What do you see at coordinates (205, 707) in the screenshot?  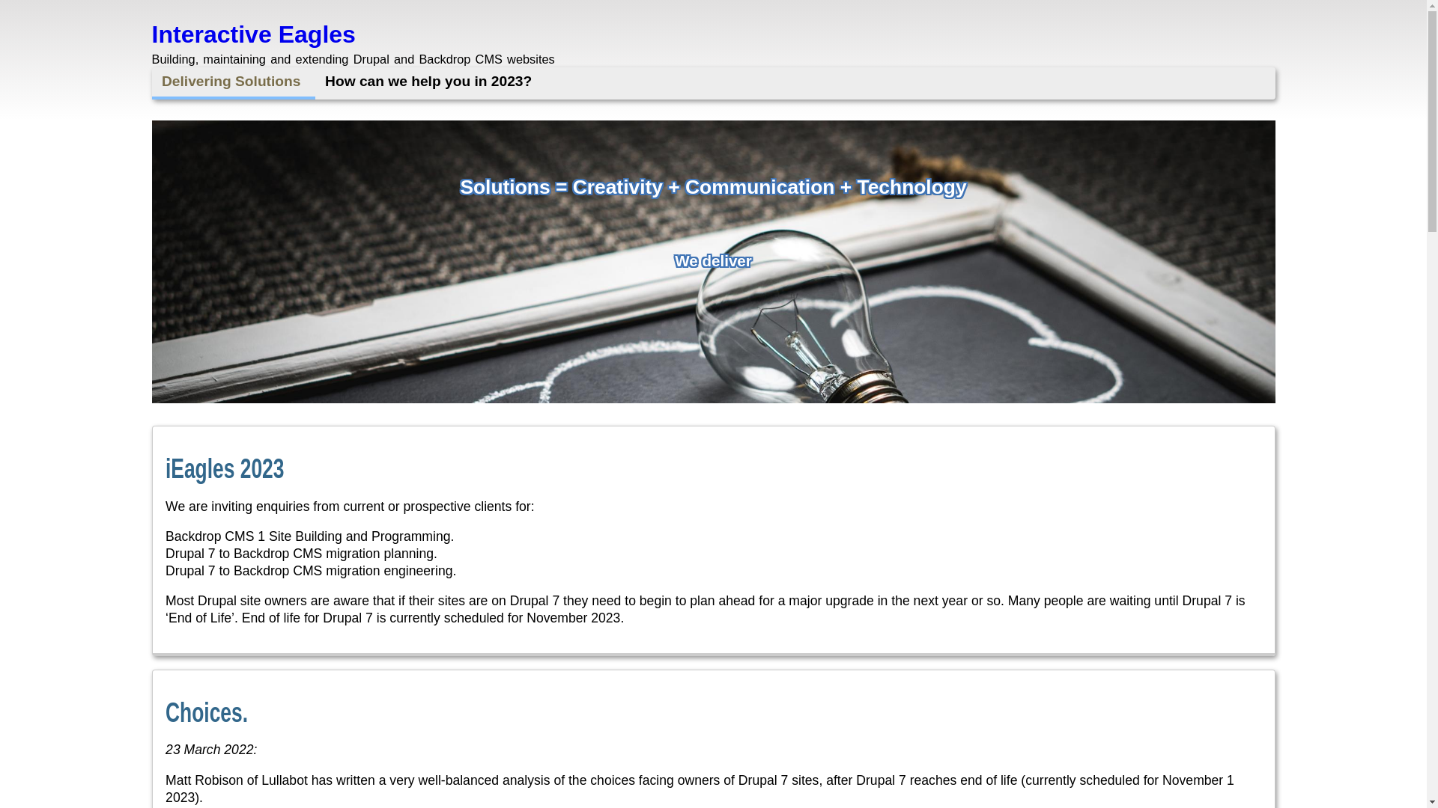 I see `'Choices.'` at bounding box center [205, 707].